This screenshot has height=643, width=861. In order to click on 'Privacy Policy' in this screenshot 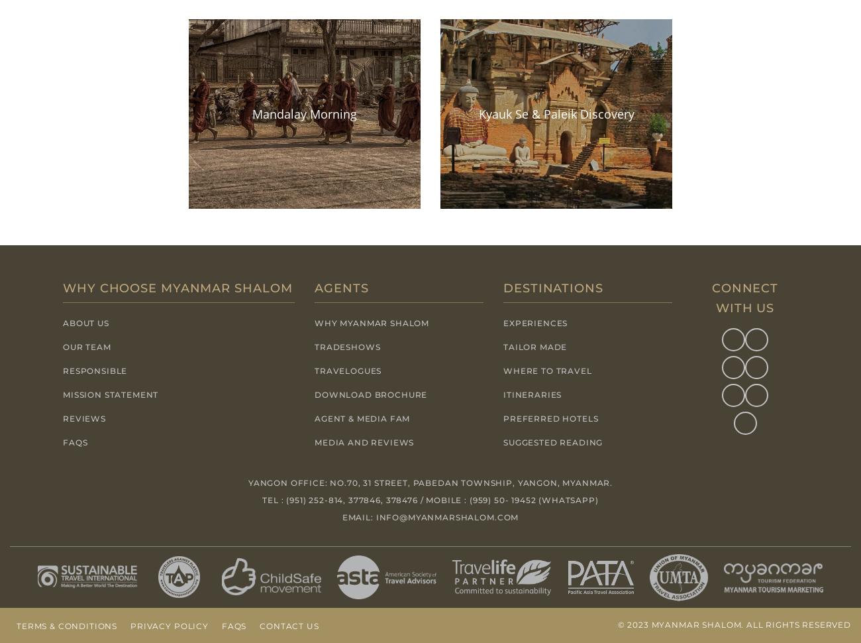, I will do `click(168, 624)`.